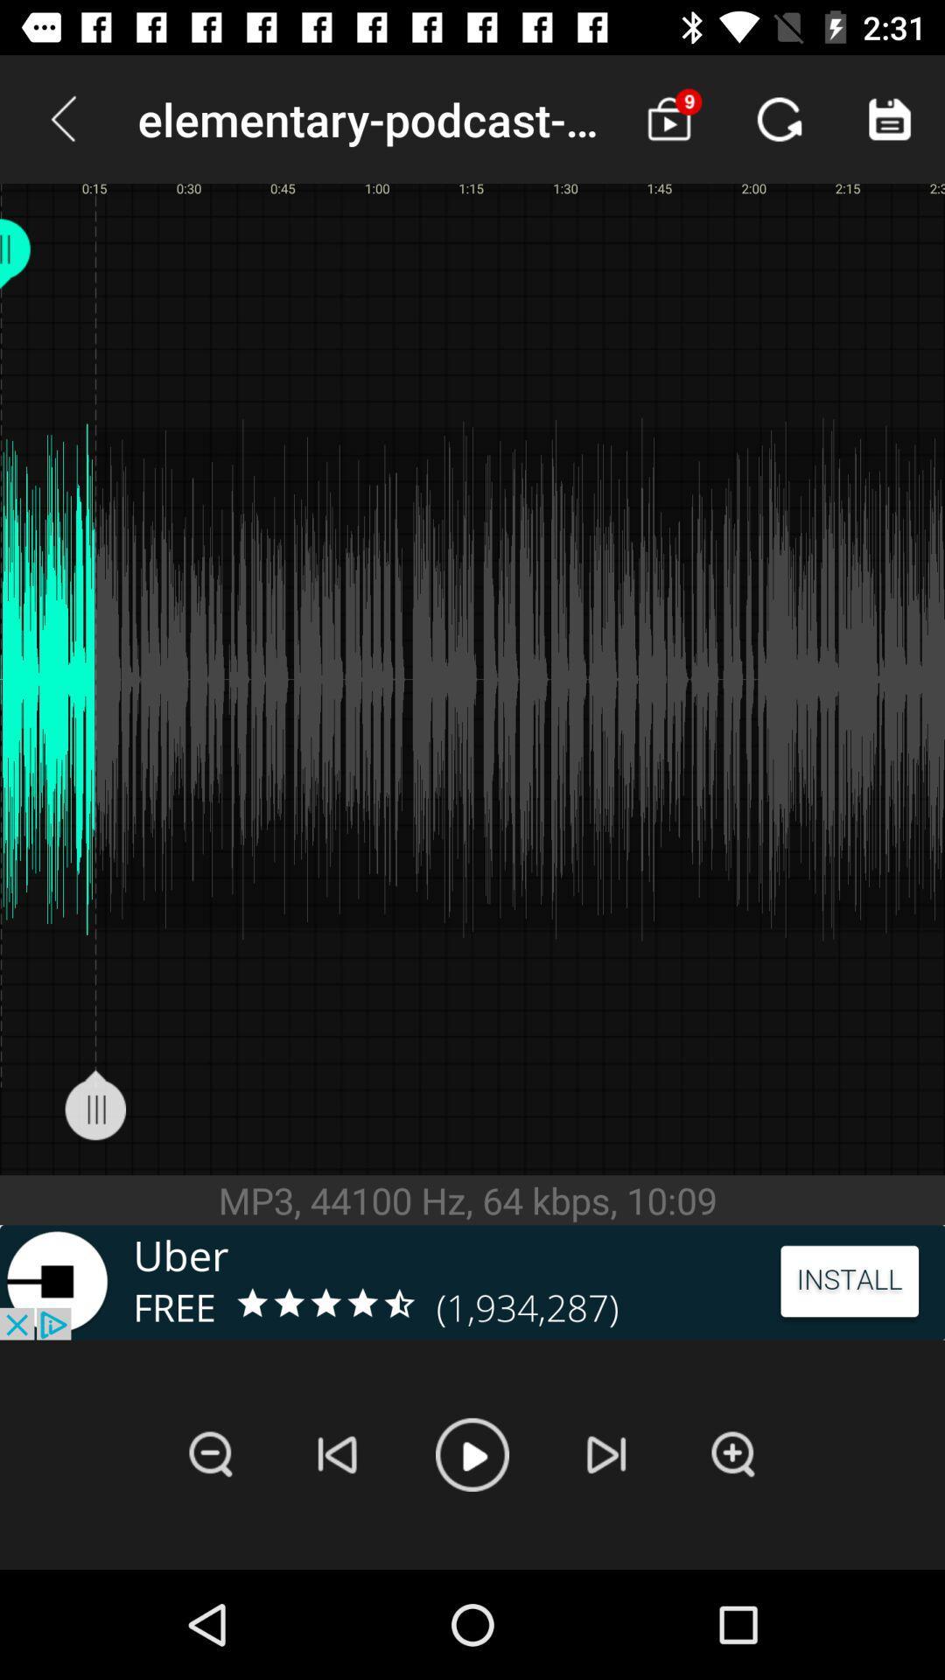  What do you see at coordinates (733, 1454) in the screenshot?
I see `the add icon` at bounding box center [733, 1454].